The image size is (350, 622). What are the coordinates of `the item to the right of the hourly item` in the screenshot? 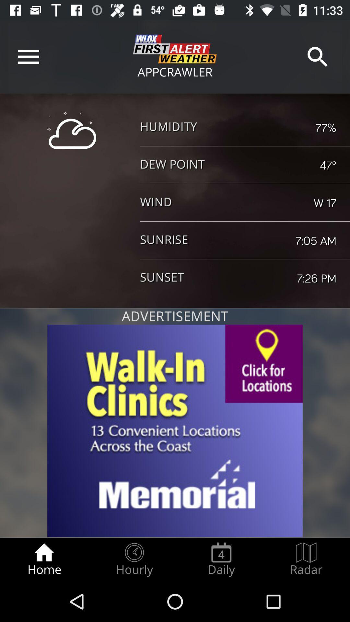 It's located at (221, 559).